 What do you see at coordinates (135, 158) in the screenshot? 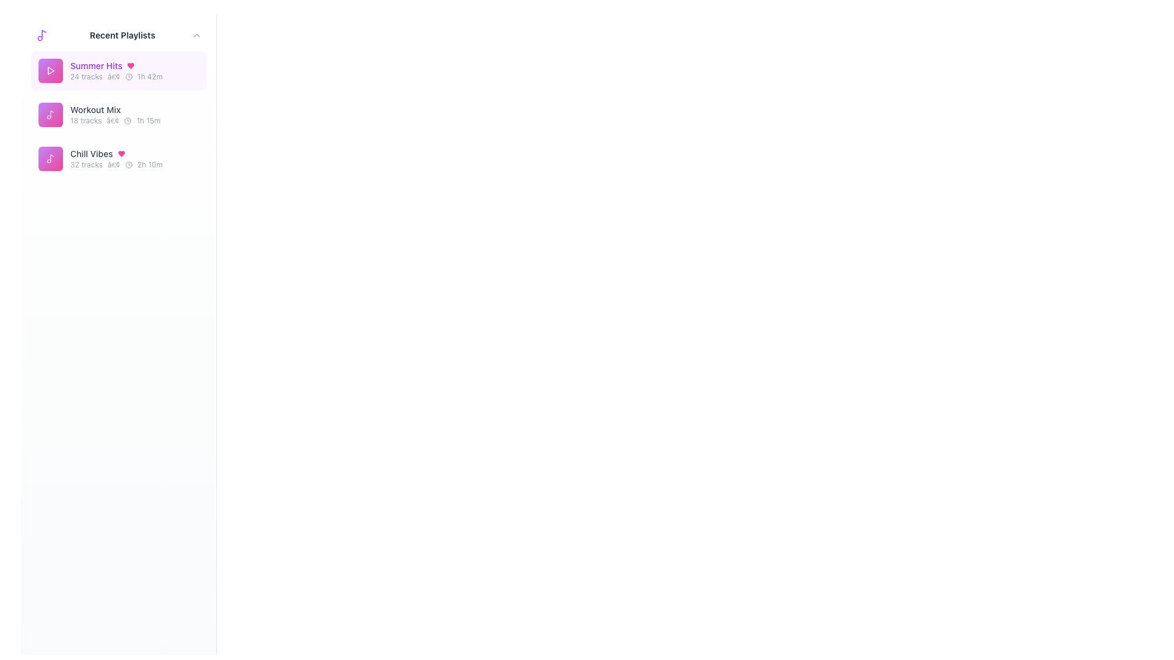
I see `the 'Chill Vibes 32 tracks • 2h 10m' playlist entry in the Recent Playlists sidebar` at bounding box center [135, 158].